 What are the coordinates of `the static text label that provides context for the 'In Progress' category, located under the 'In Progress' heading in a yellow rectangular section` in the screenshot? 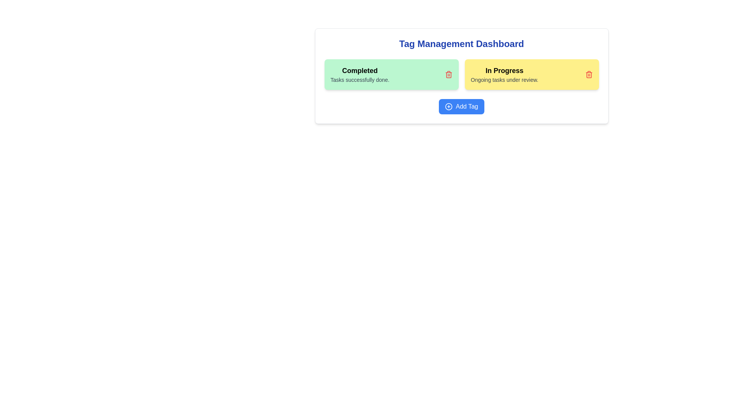 It's located at (504, 80).